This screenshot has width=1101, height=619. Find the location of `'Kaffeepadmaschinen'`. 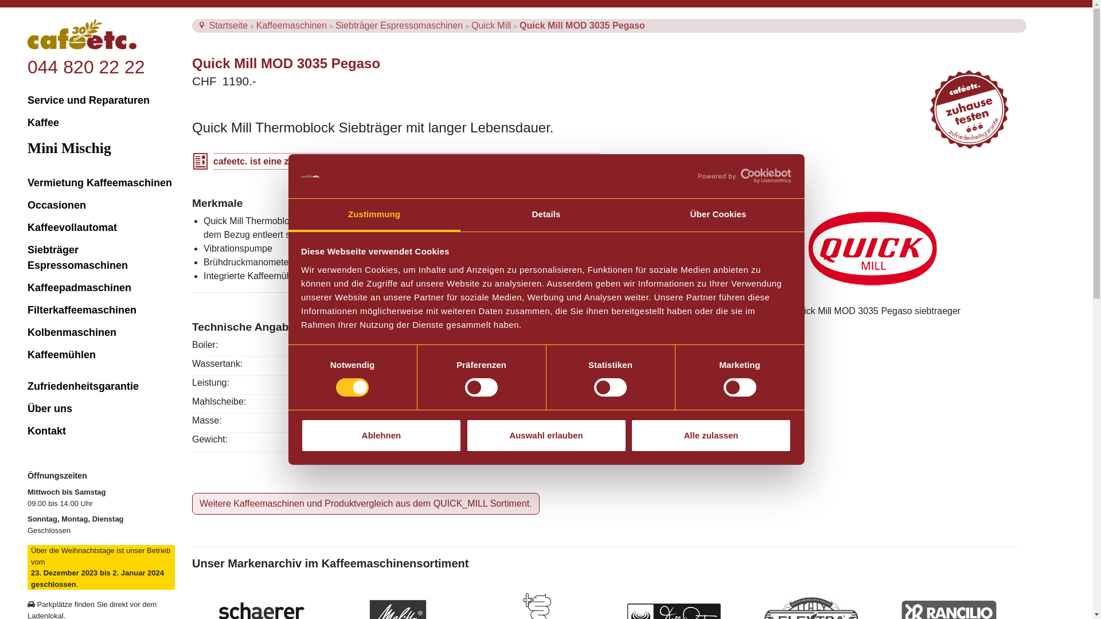

'Kaffeepadmaschinen' is located at coordinates (101, 287).